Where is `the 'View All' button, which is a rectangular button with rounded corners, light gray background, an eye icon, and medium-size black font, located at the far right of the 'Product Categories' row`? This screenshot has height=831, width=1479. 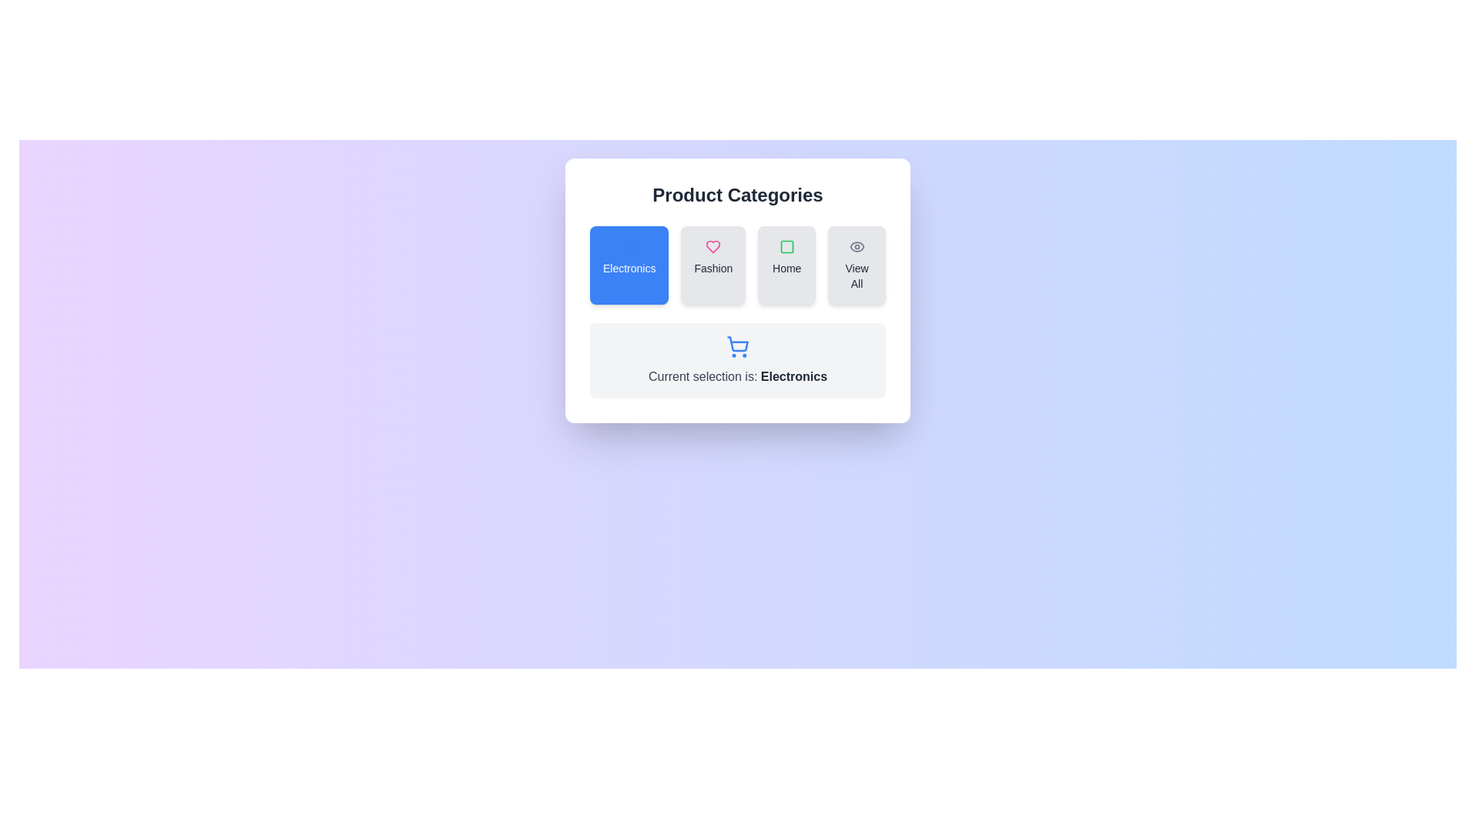 the 'View All' button, which is a rectangular button with rounded corners, light gray background, an eye icon, and medium-size black font, located at the far right of the 'Product Categories' row is located at coordinates (856, 264).